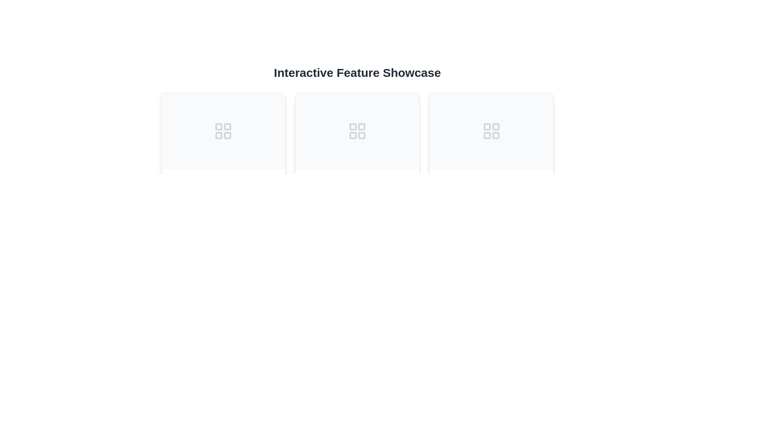 The image size is (760, 428). I want to click on the bottom-left square of the 2x2 grid icon represented by the SVG rectangle, so click(486, 135).